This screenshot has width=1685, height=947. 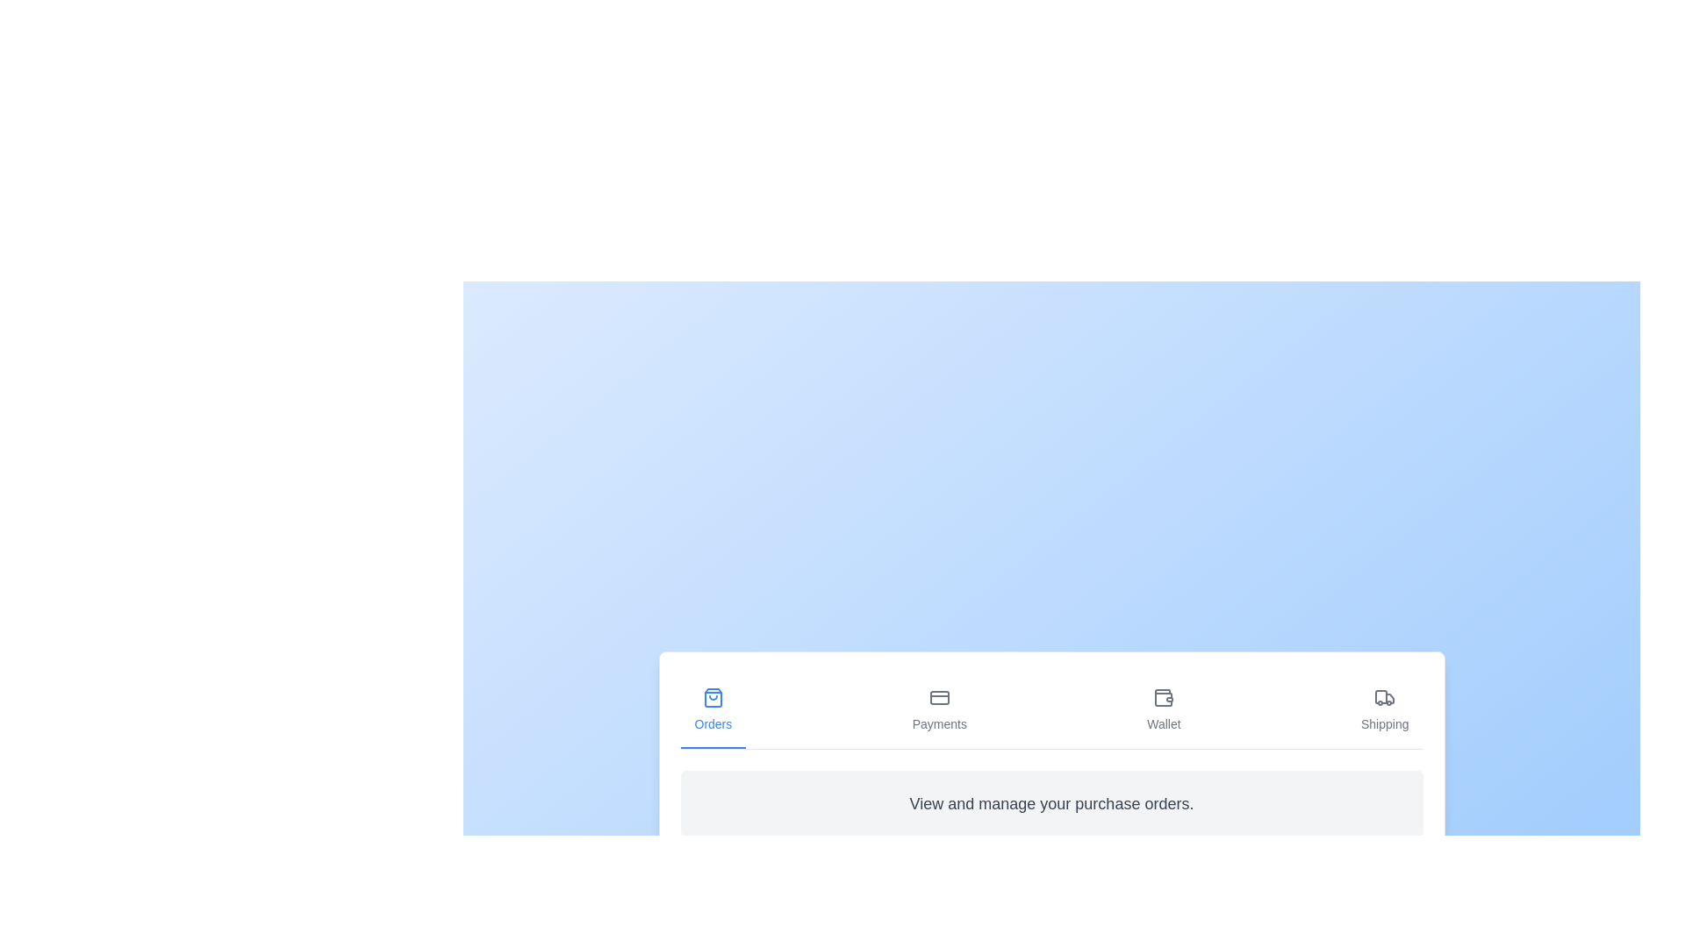 I want to click on the 'Wallet' icon element in the SVG graphic, so click(x=1164, y=694).